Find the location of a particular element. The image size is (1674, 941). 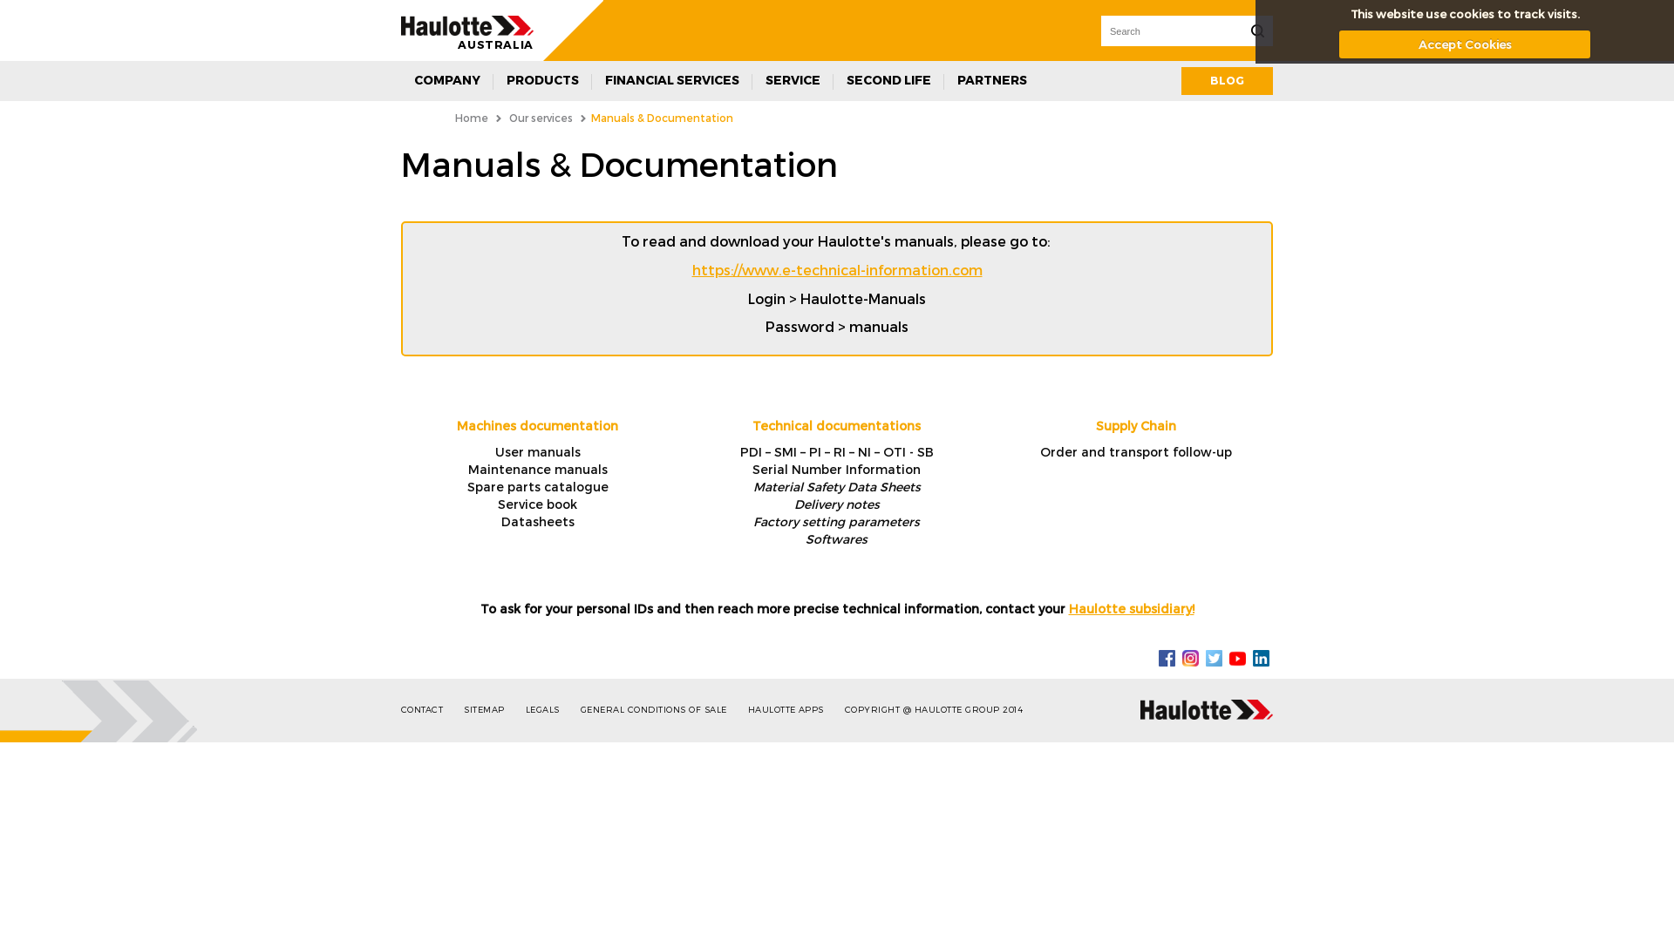

'CONTACT' is located at coordinates (431, 709).